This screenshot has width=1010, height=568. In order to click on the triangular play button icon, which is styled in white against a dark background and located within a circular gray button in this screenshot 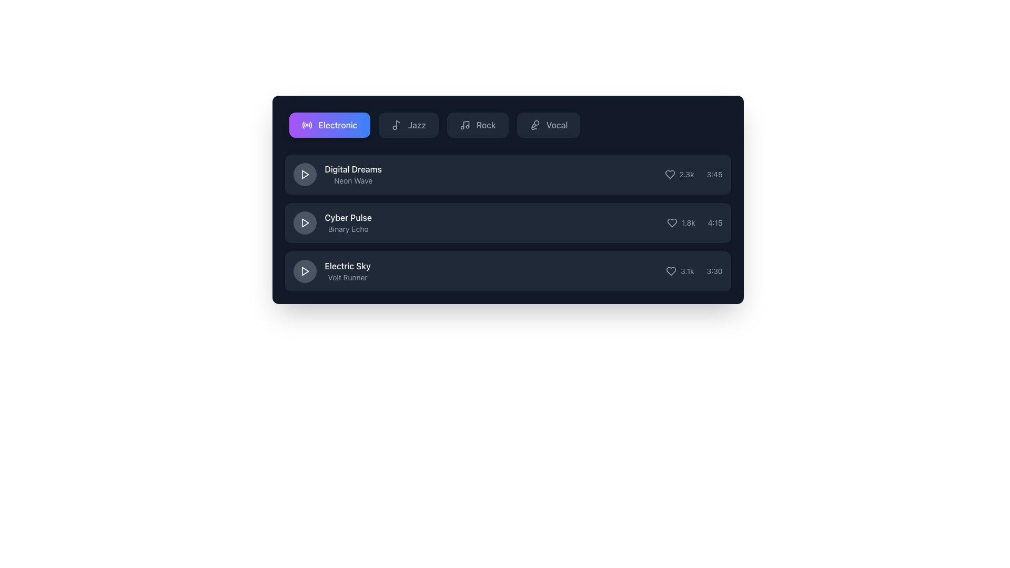, I will do `click(304, 222)`.